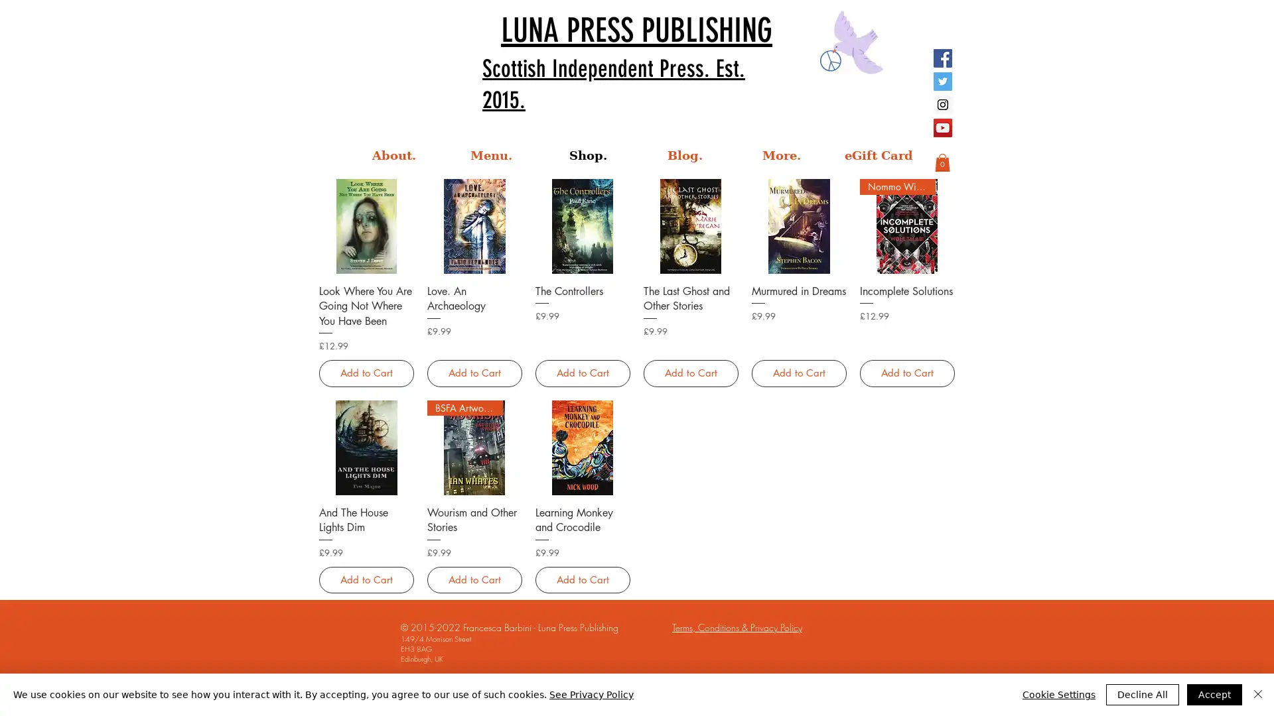 The image size is (1274, 716). Describe the element at coordinates (366, 288) in the screenshot. I see `Quick View` at that location.